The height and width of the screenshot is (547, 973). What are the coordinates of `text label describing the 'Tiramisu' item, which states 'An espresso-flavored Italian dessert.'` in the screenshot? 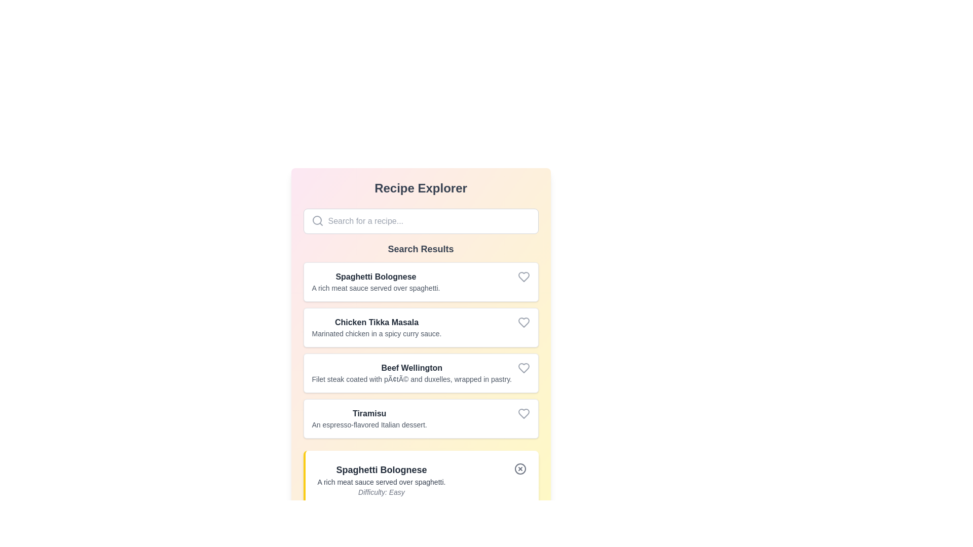 It's located at (369, 425).